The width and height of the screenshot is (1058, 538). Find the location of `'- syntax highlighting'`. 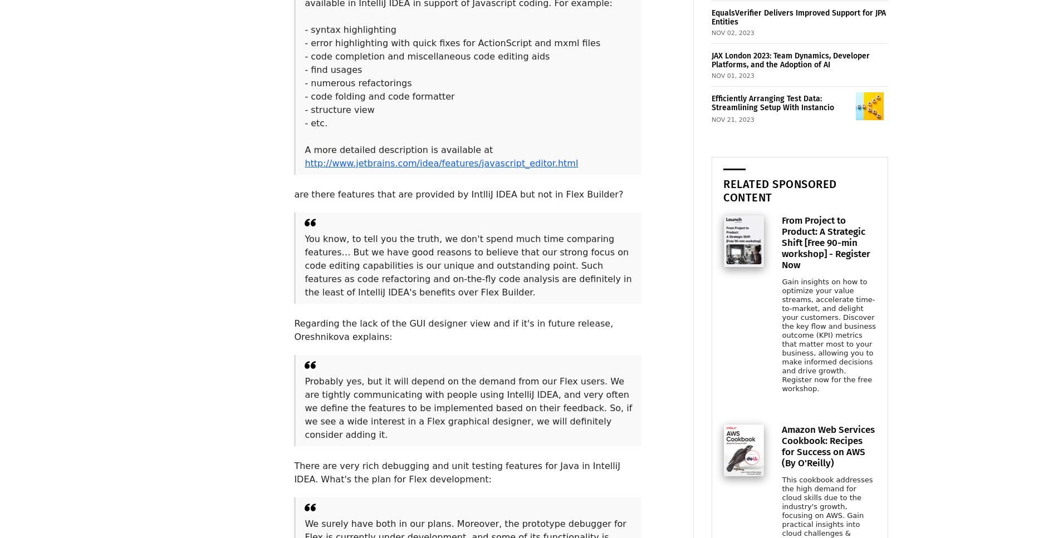

'- syntax highlighting' is located at coordinates (305, 29).